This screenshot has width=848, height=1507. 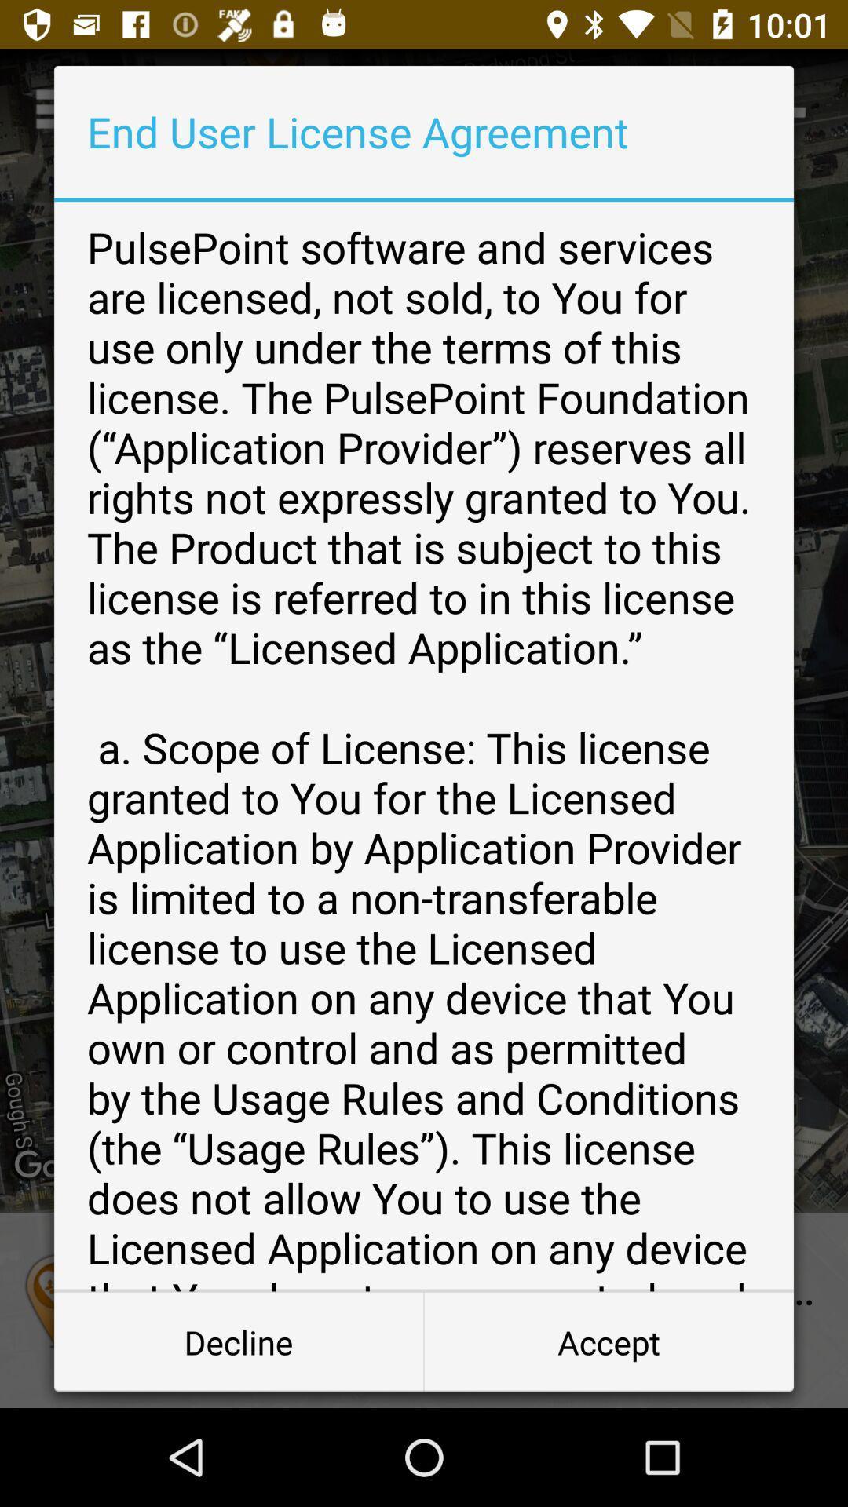 What do you see at coordinates (239, 1341) in the screenshot?
I see `app below pulsepoint software and item` at bounding box center [239, 1341].